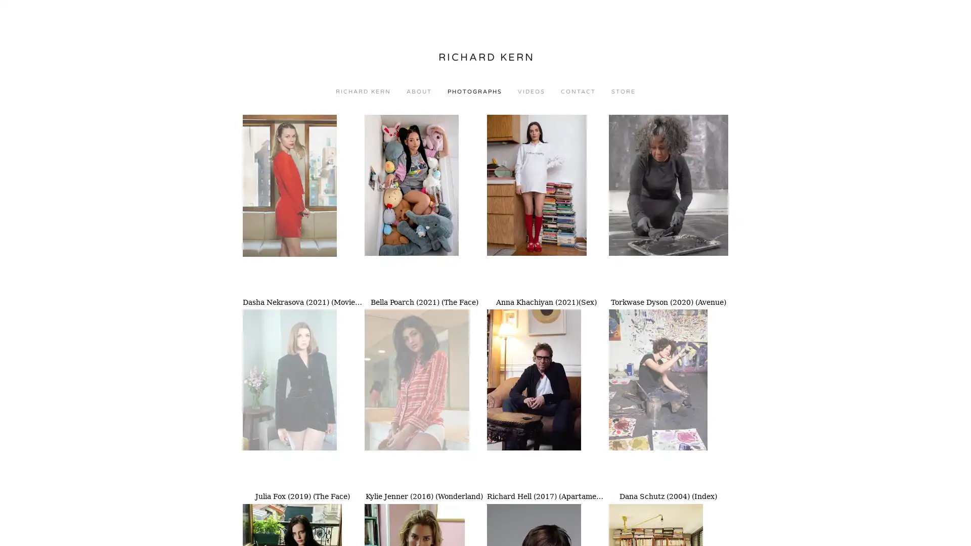  I want to click on View fullsize Anna Khachiyan (2021)(Sex), so click(546, 204).